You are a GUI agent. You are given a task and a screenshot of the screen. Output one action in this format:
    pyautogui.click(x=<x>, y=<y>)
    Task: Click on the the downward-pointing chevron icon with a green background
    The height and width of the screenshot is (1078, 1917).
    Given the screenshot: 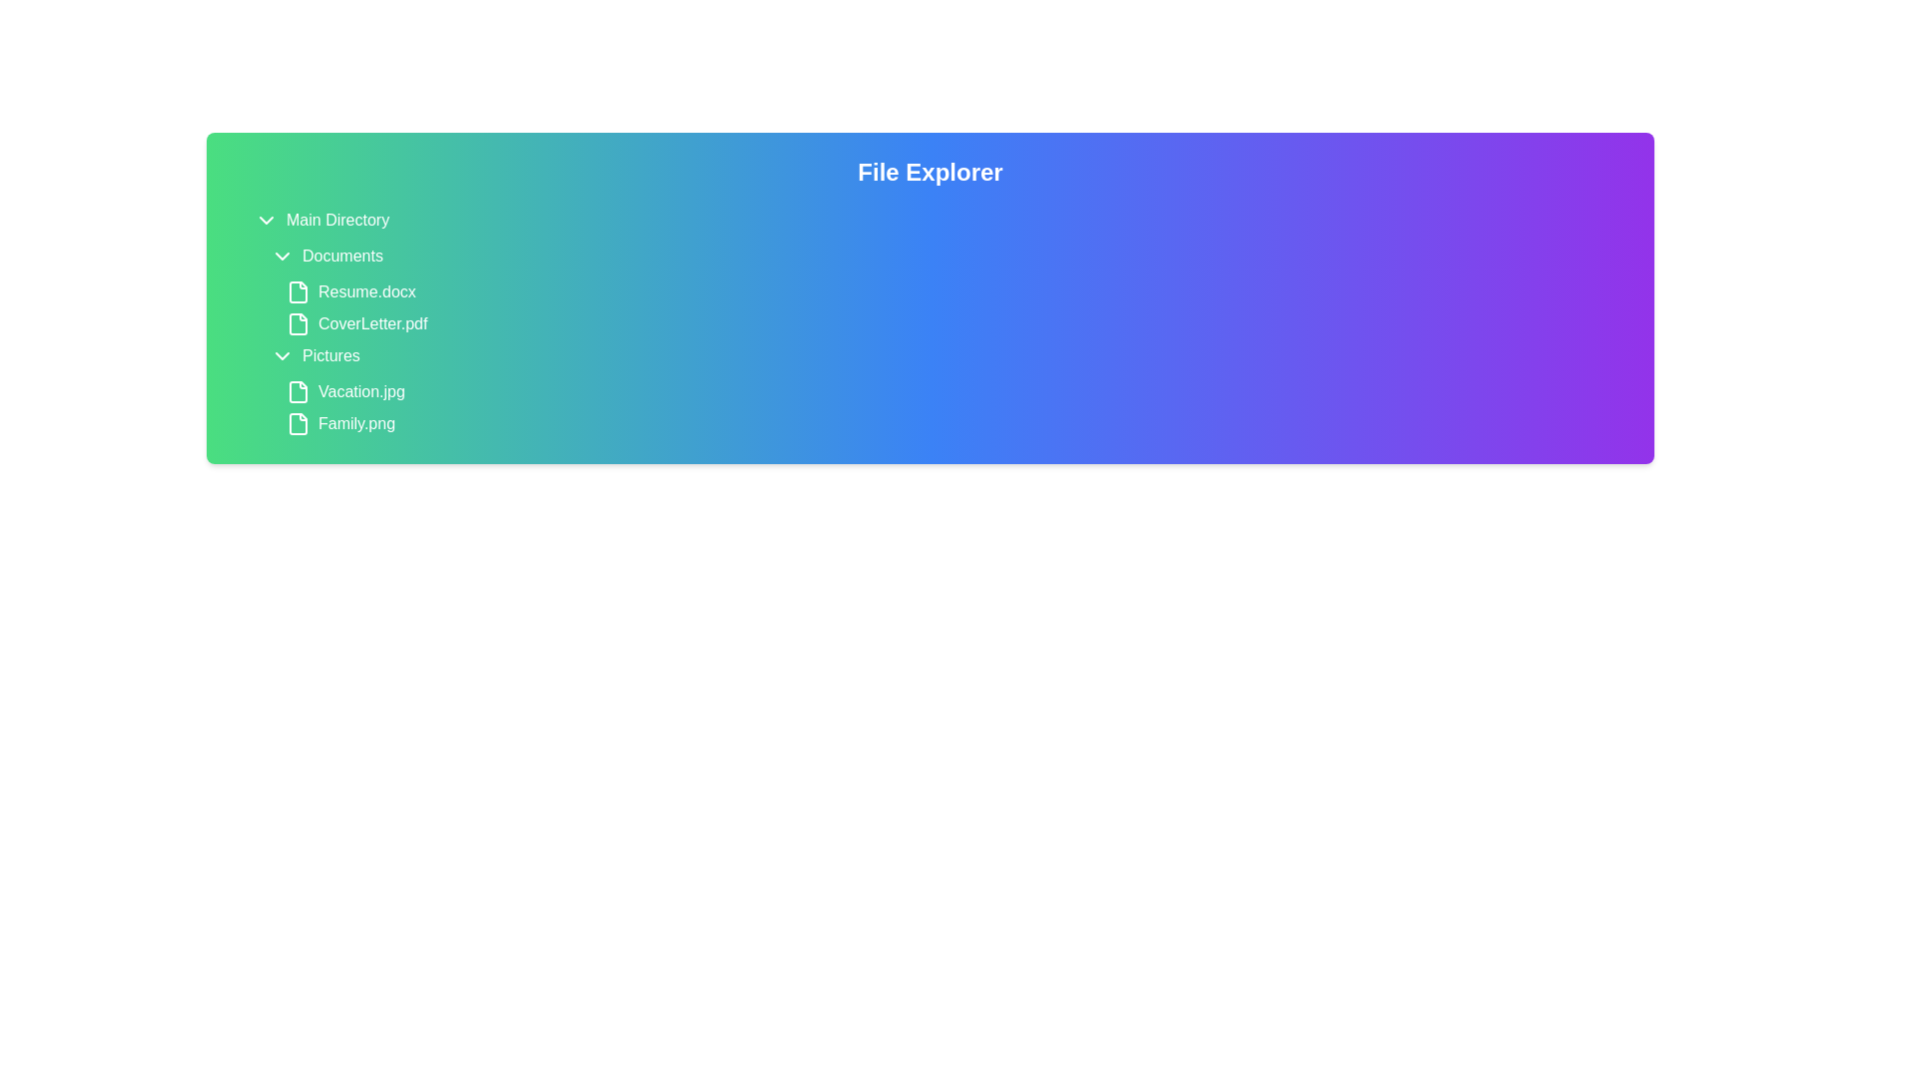 What is the action you would take?
    pyautogui.click(x=282, y=355)
    